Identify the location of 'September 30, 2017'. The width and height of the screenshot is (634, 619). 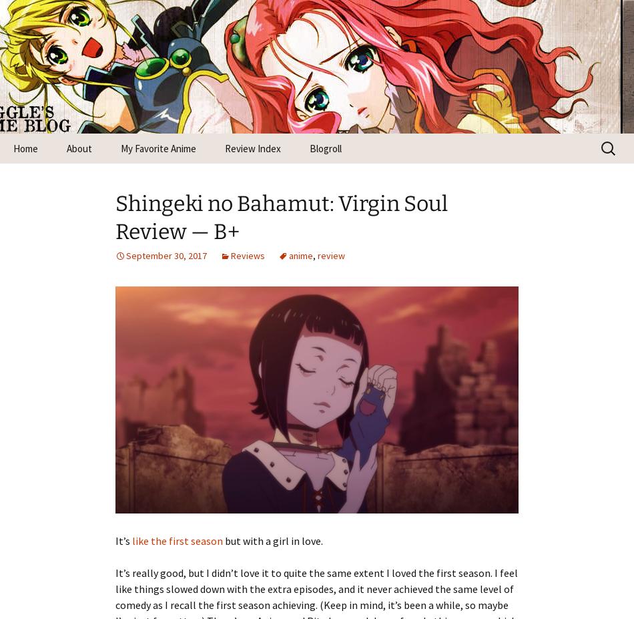
(166, 255).